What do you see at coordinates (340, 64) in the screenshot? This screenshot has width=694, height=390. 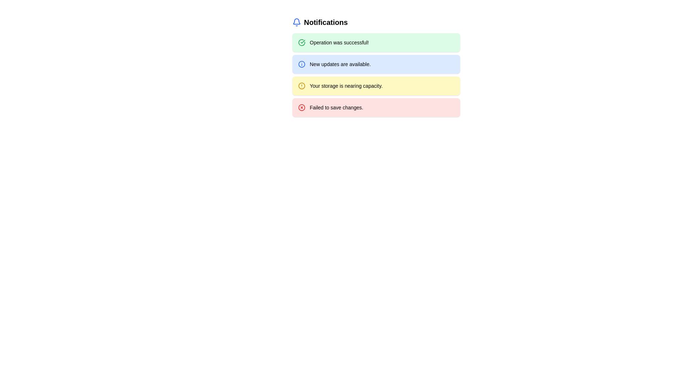 I see `the text element displaying 'New updates are available.' which is located in the second notification card, right of an info icon` at bounding box center [340, 64].